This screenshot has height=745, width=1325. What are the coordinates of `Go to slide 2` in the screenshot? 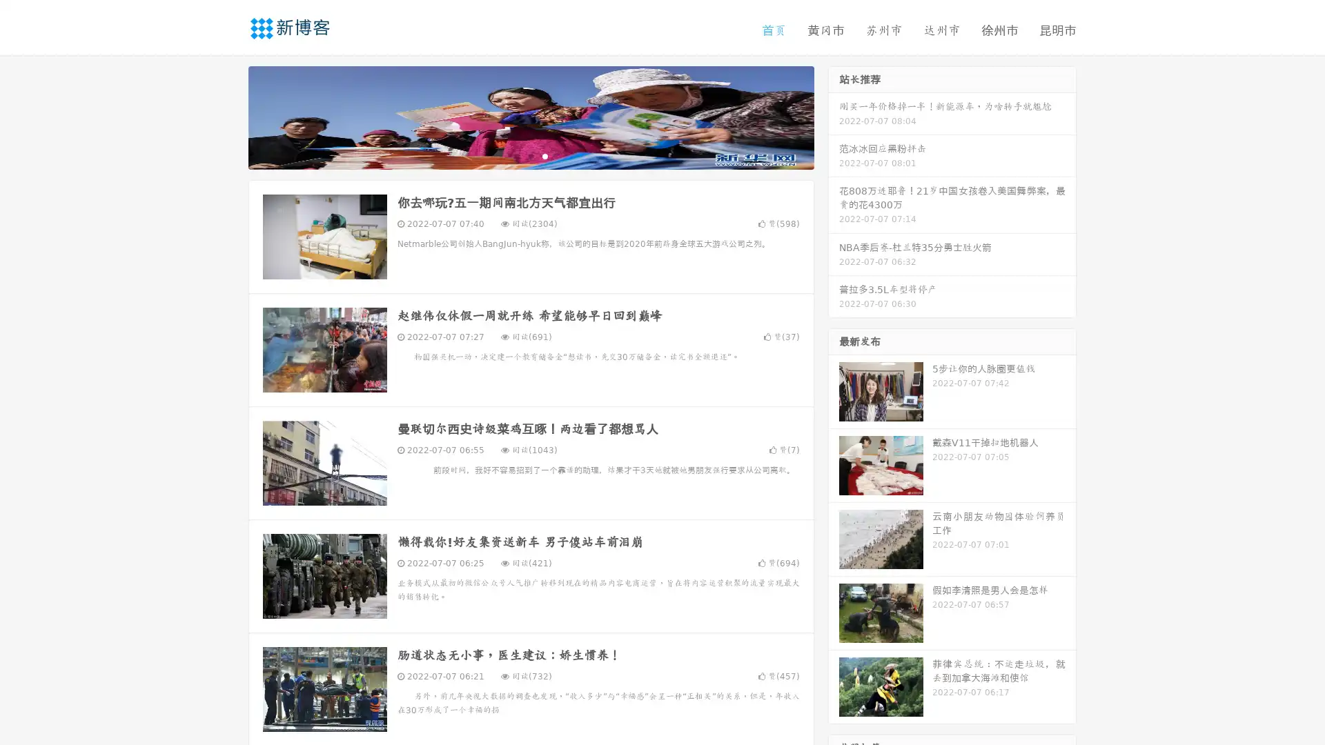 It's located at (530, 155).